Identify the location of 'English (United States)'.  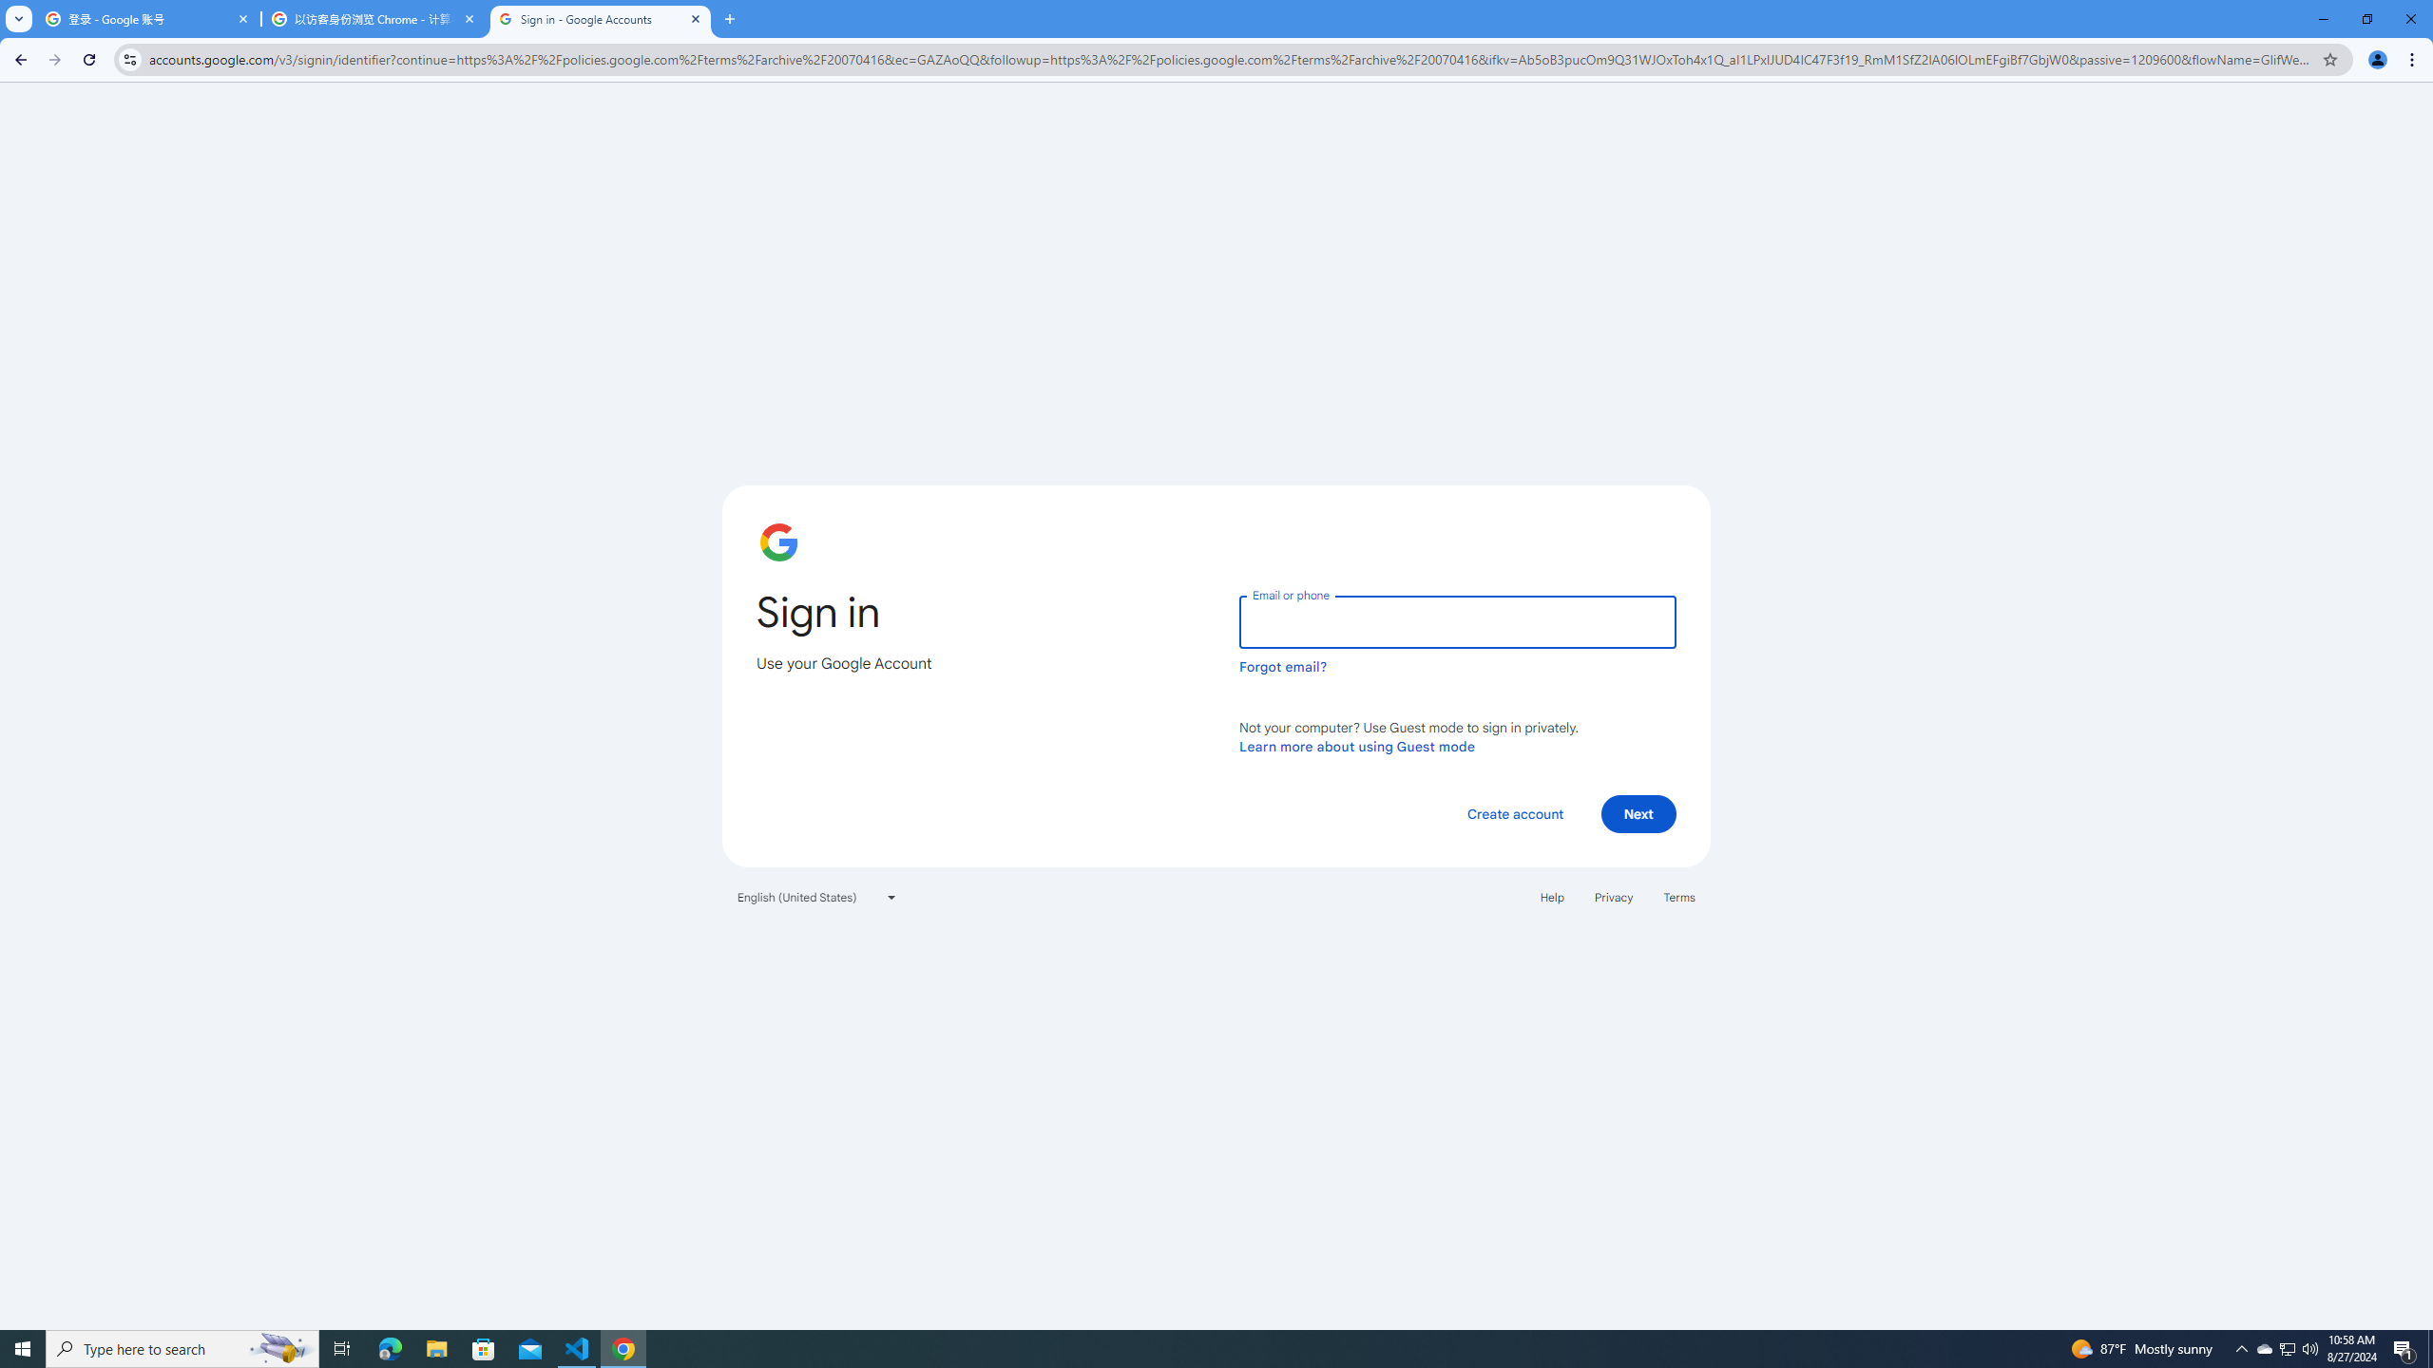
(817, 895).